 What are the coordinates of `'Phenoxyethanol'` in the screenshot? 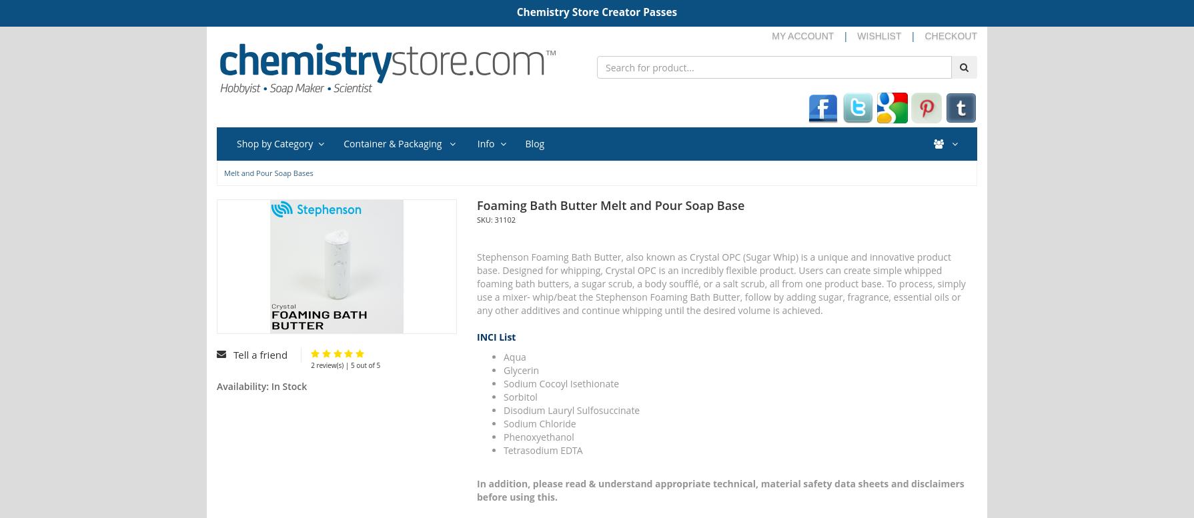 It's located at (538, 435).